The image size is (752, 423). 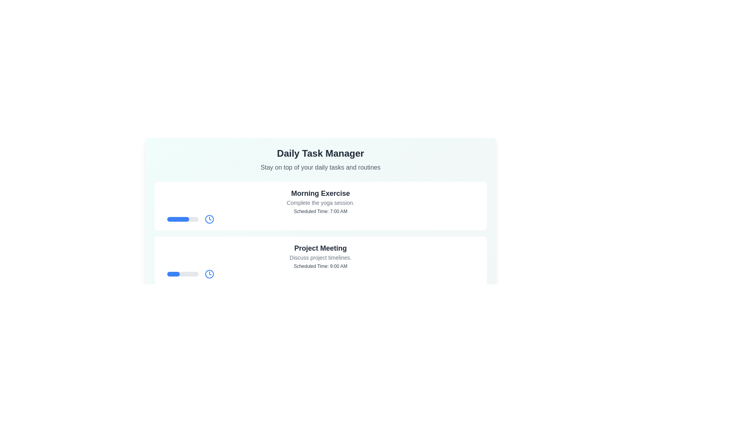 I want to click on the clock icon with a blue outline located next to the 'Morning Exercise' task's progress bar, so click(x=209, y=219).